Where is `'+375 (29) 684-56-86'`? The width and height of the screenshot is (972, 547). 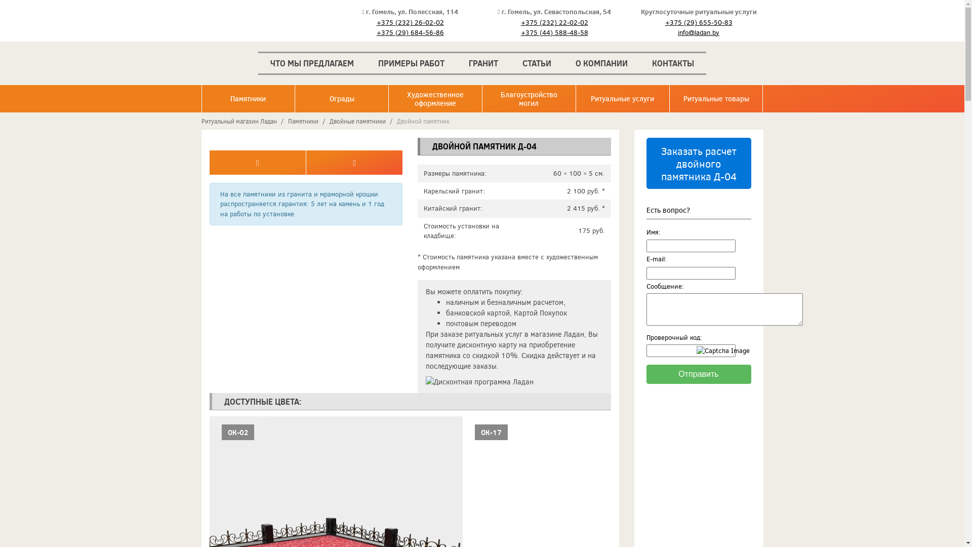
'+375 (29) 684-56-86' is located at coordinates (410, 32).